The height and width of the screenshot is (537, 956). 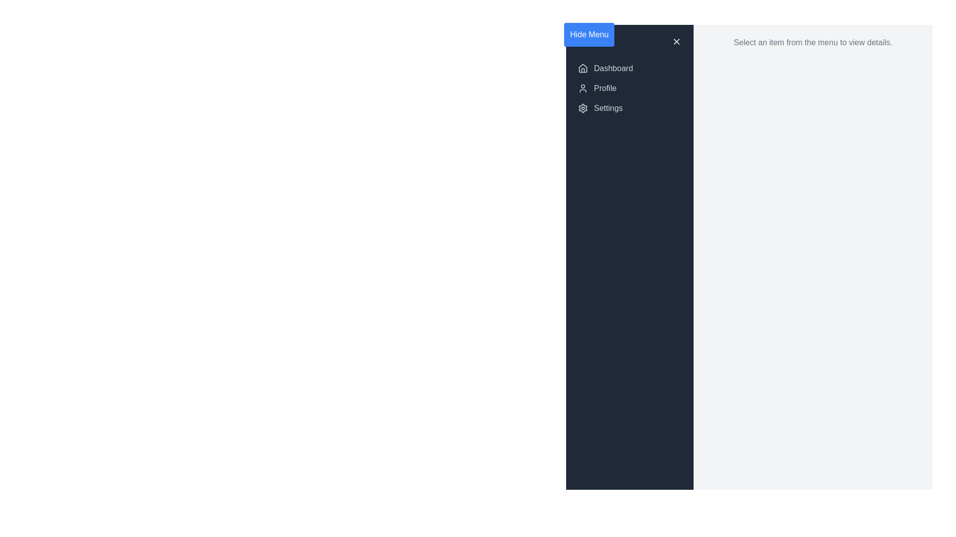 What do you see at coordinates (676, 41) in the screenshot?
I see `the button located in the top right corner of the dark sidebar menu panel` at bounding box center [676, 41].